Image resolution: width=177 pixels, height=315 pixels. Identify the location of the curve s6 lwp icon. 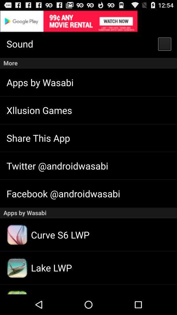
(17, 235).